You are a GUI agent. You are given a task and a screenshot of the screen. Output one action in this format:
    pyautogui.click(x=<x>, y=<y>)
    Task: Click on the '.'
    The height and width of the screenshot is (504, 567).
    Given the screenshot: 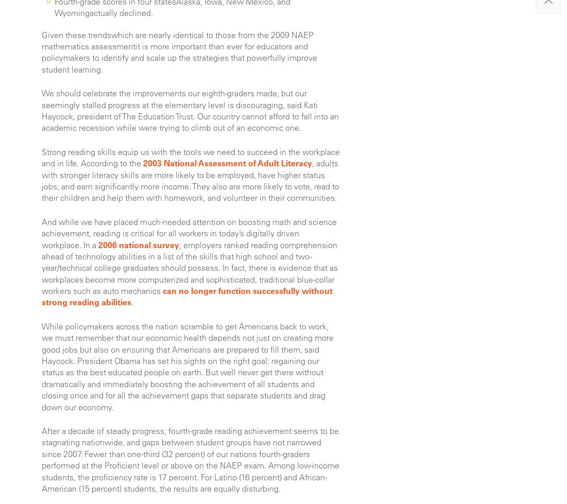 What is the action you would take?
    pyautogui.click(x=131, y=302)
    